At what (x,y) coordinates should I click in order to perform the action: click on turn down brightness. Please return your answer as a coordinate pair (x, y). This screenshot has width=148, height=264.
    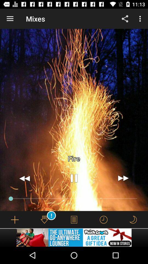
    Looking at the image, I should click on (133, 219).